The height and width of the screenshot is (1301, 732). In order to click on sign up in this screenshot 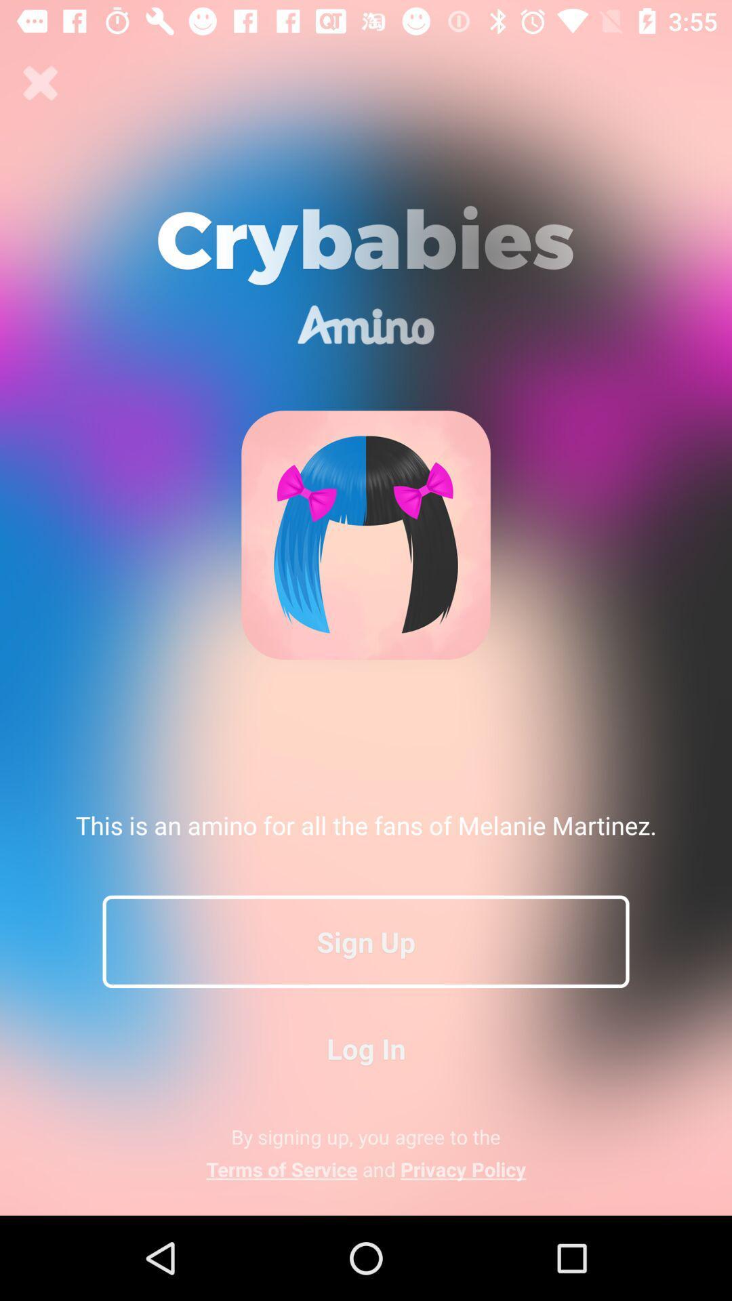, I will do `click(366, 941)`.